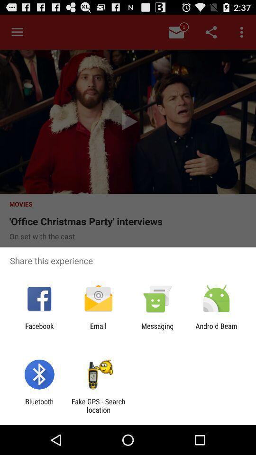 The width and height of the screenshot is (256, 455). What do you see at coordinates (39, 405) in the screenshot?
I see `the app to the left of fake gps search` at bounding box center [39, 405].